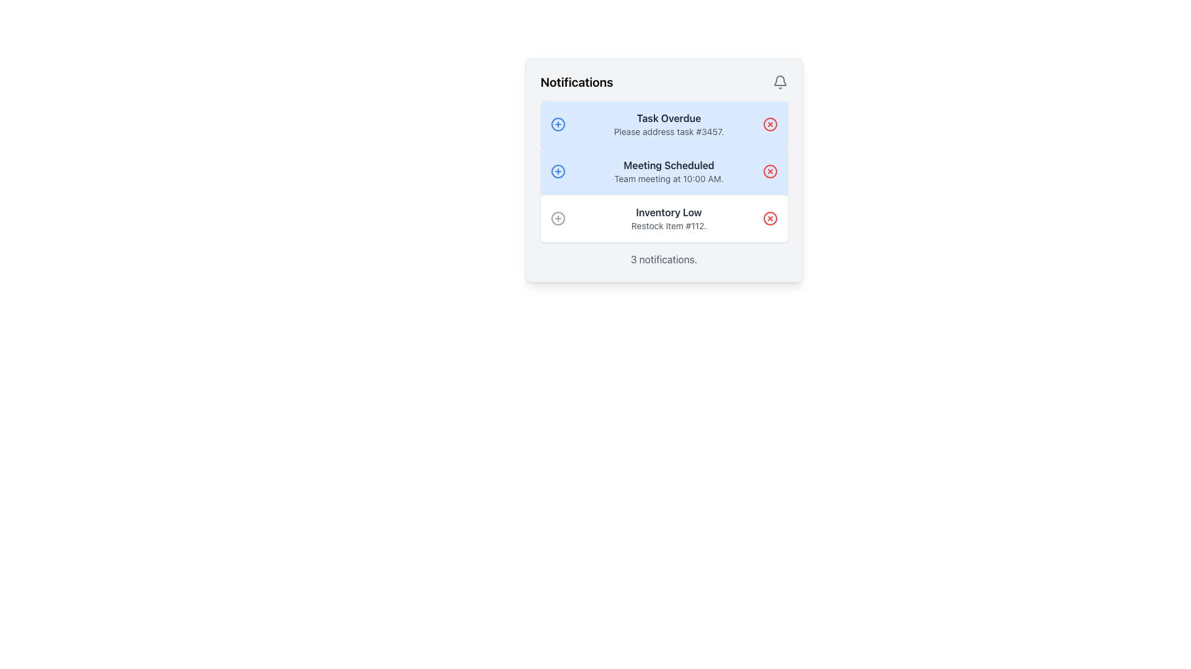  I want to click on the SVG bell icon representing notifications, located on the far right of the header section next to the 'Notifications' label, so click(779, 82).